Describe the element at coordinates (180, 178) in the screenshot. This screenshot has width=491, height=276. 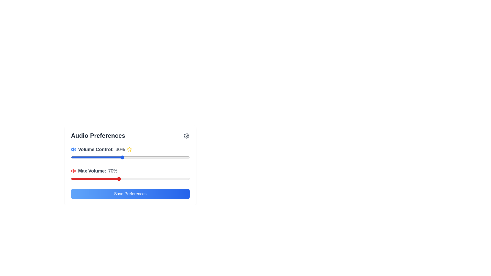
I see `max volume` at that location.